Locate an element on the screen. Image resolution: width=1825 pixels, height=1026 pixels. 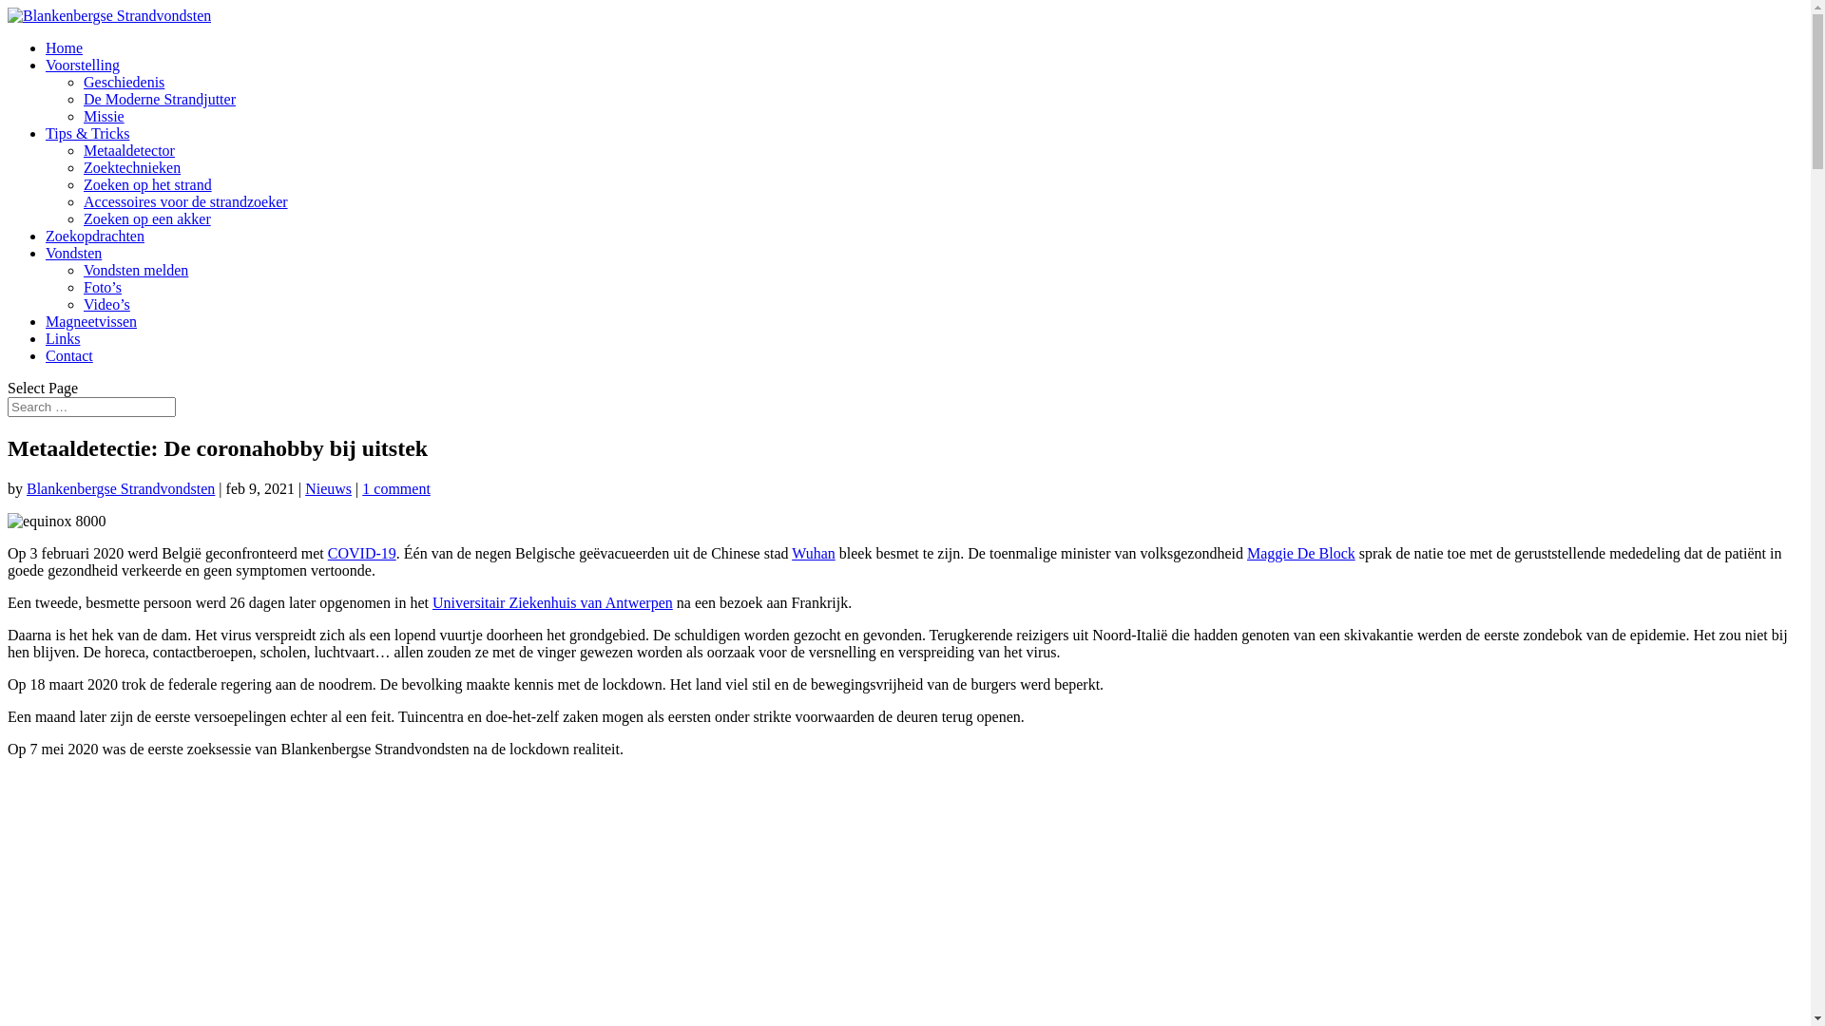
'Universitair Ziekenhuis van Antwerpen' is located at coordinates (551, 602).